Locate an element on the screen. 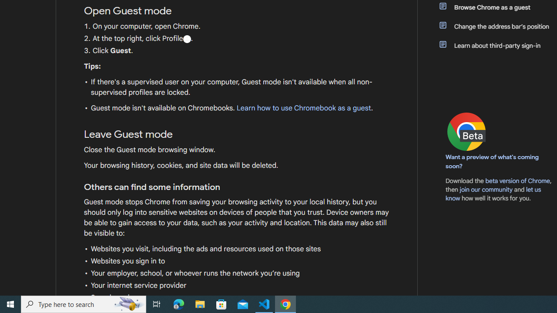 This screenshot has height=313, width=557. 'Learn how to use Chromebook as a guest' is located at coordinates (303, 108).